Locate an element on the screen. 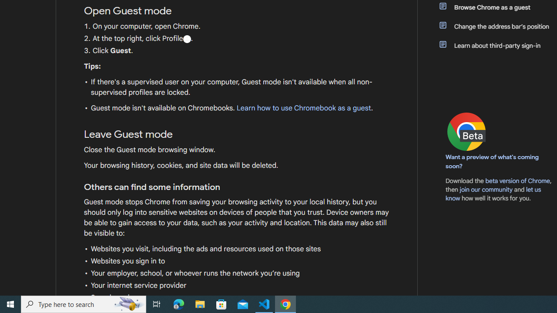 This screenshot has height=313, width=557. 'Learn how to use Chromebook as a guest' is located at coordinates (303, 108).